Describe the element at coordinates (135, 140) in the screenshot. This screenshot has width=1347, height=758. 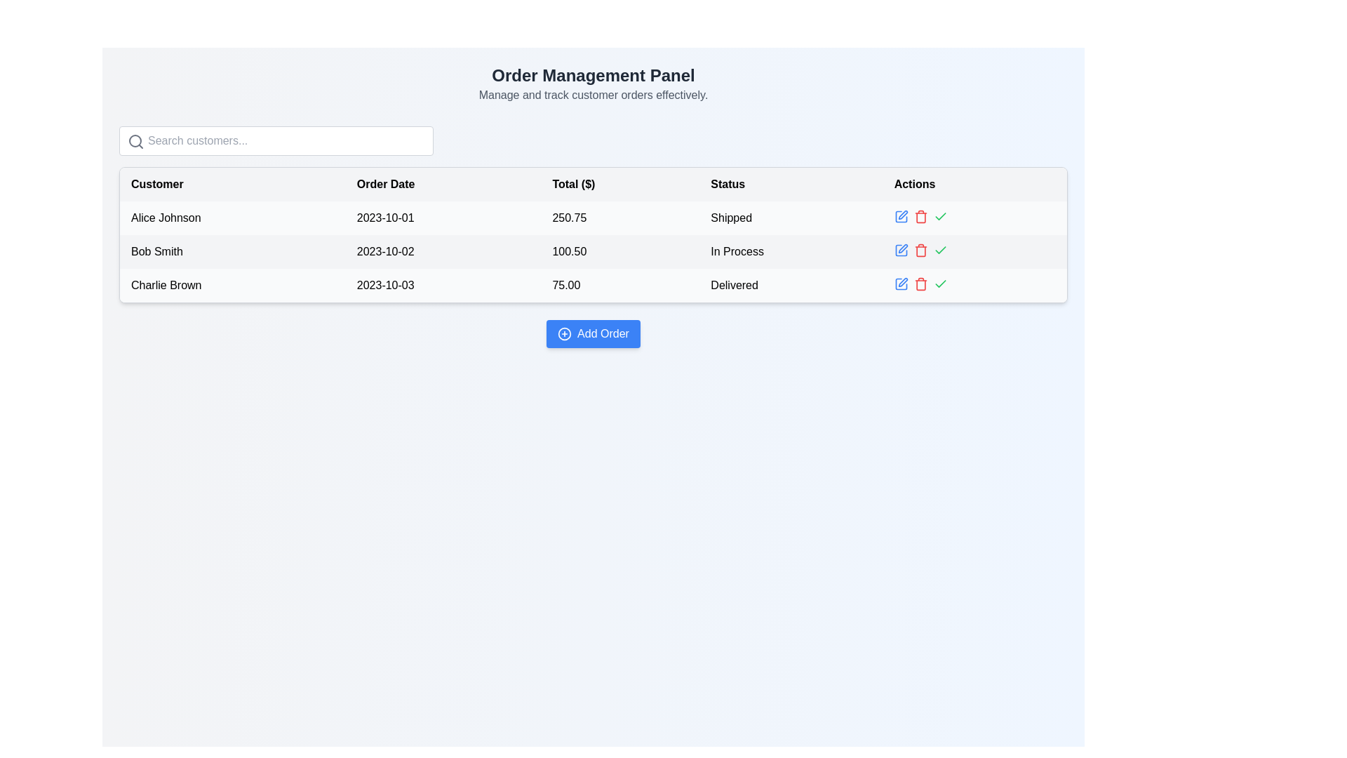
I see `the circle SVG element that is centered within the magnifying glass icon, which is located to the left of the search input field at the top of the interface` at that location.